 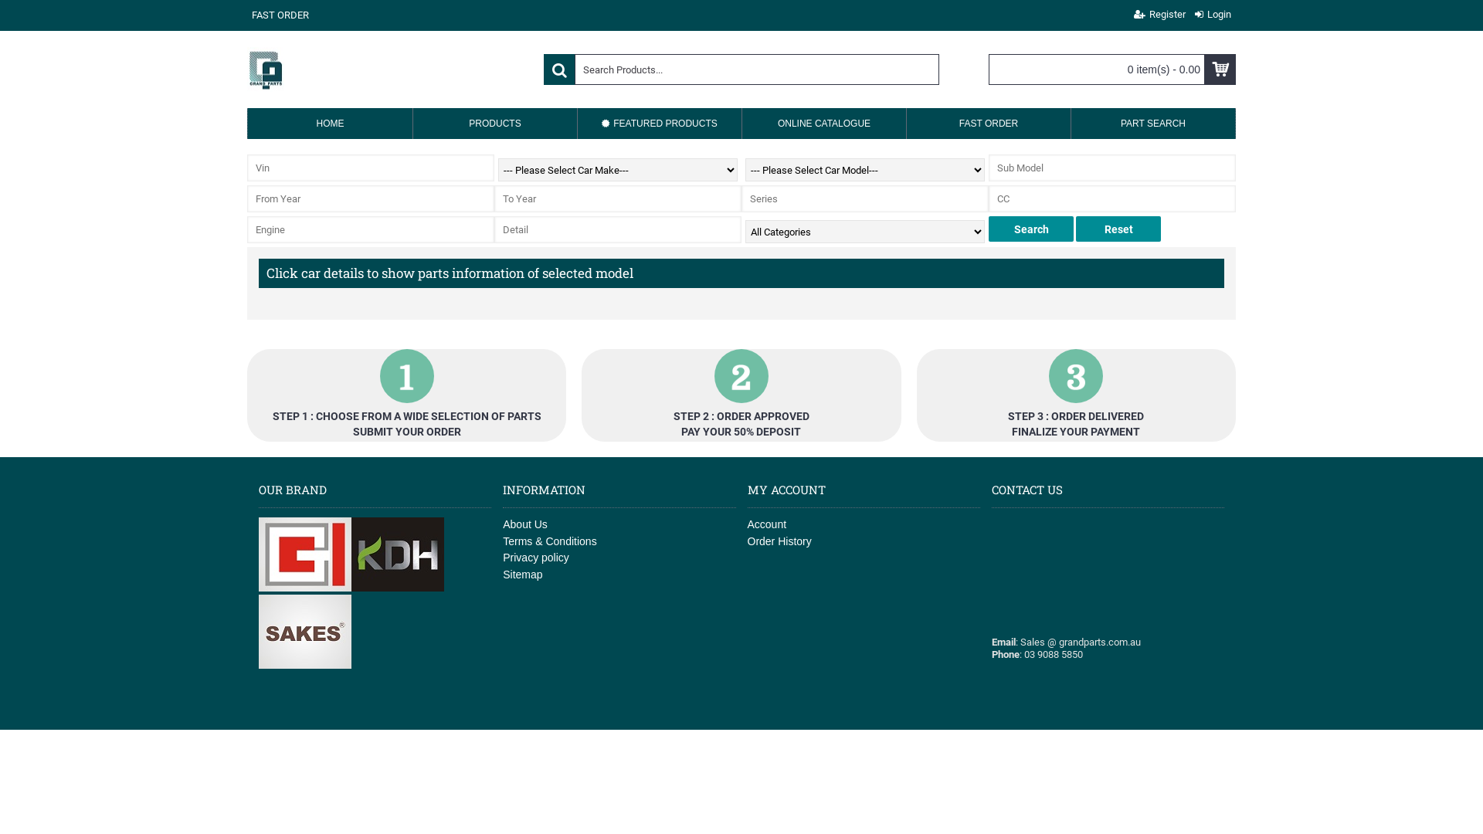 What do you see at coordinates (1152, 122) in the screenshot?
I see `'PART SEARCH'` at bounding box center [1152, 122].